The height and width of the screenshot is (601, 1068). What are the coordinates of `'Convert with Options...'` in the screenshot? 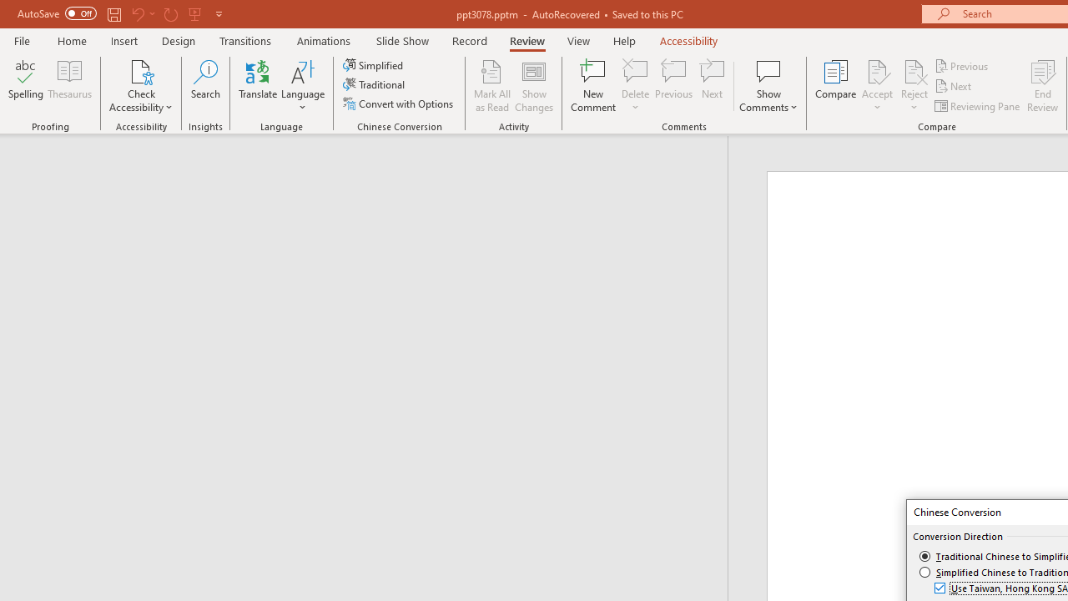 It's located at (399, 104).